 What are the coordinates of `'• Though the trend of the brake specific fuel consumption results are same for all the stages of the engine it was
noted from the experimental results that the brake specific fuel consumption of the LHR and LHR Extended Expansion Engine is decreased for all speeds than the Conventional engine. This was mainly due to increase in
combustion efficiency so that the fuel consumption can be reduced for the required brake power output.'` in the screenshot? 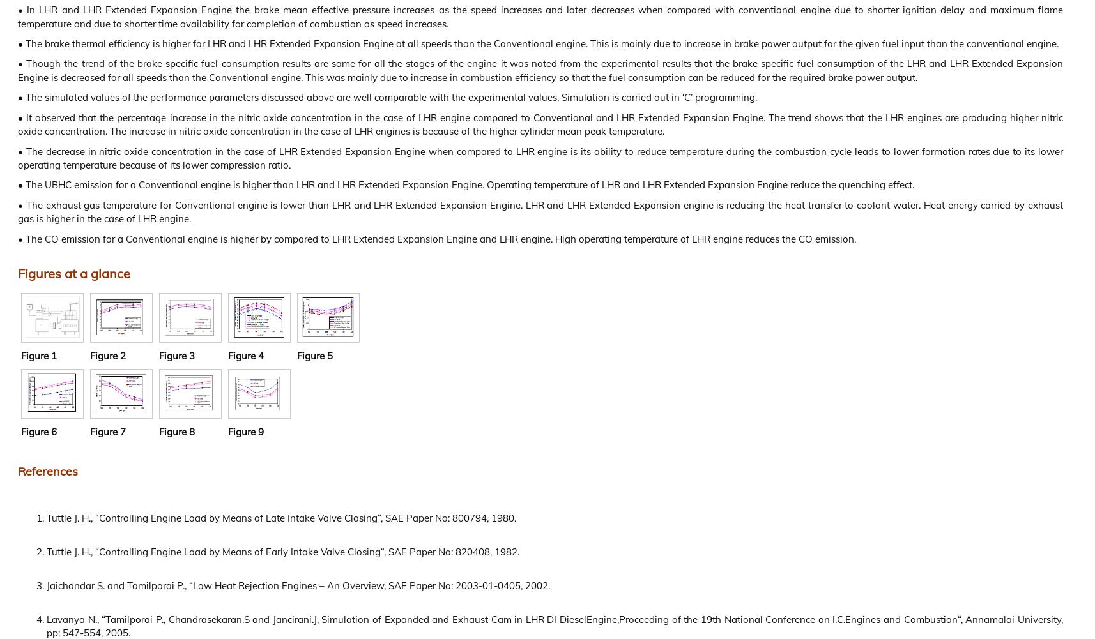 It's located at (17, 70).